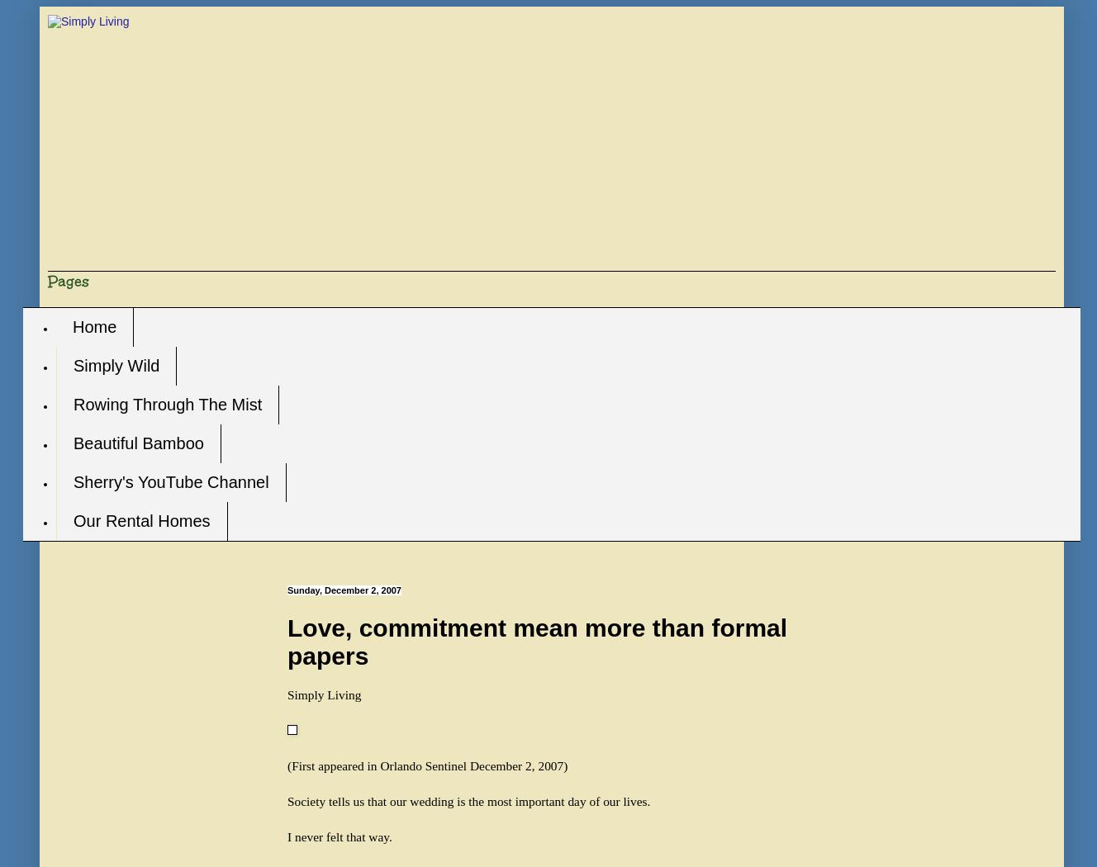 This screenshot has width=1097, height=867. What do you see at coordinates (141, 521) in the screenshot?
I see `'Our Rental Homes'` at bounding box center [141, 521].